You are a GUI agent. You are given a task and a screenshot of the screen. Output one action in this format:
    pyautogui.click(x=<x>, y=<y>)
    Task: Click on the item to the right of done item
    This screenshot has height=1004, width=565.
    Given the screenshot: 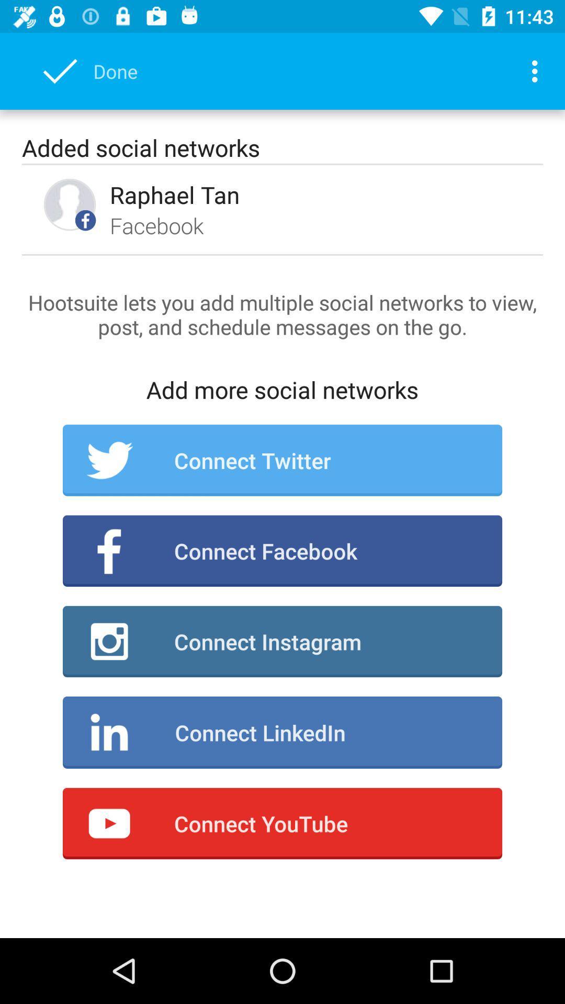 What is the action you would take?
    pyautogui.click(x=537, y=71)
    